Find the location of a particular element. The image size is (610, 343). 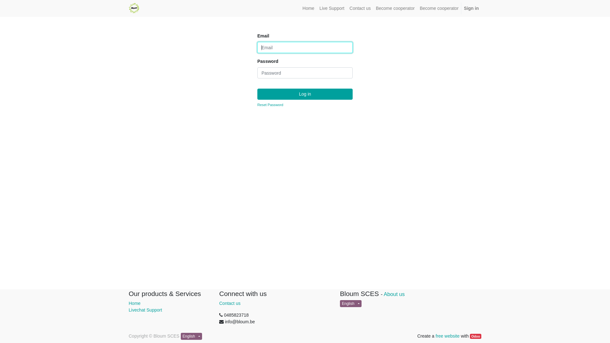

'Reset Password' is located at coordinates (257, 104).